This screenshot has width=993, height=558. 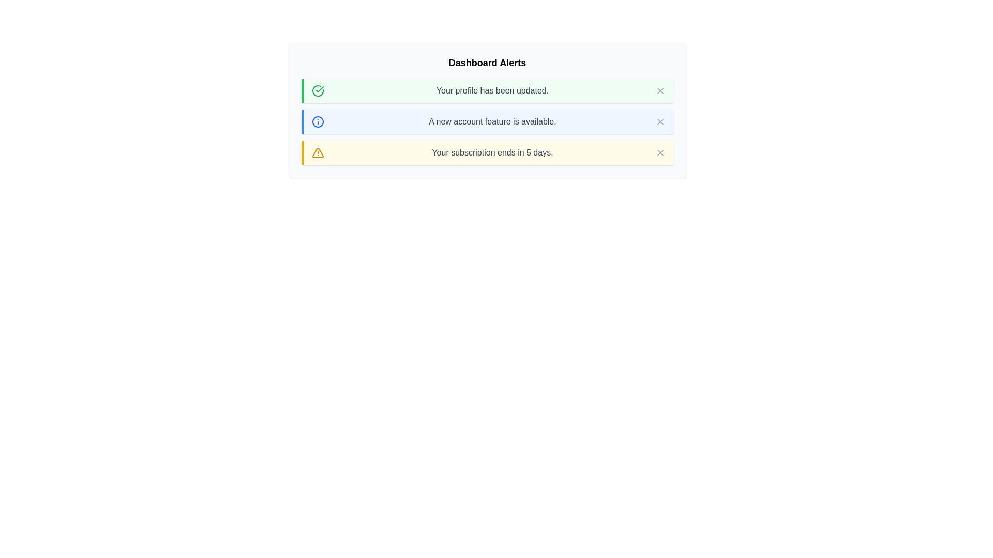 What do you see at coordinates (659, 121) in the screenshot?
I see `the 'Dismiss' button represented by an 'X' icon at the far right of the blue notification bar to change its color from gray to a darker shade` at bounding box center [659, 121].